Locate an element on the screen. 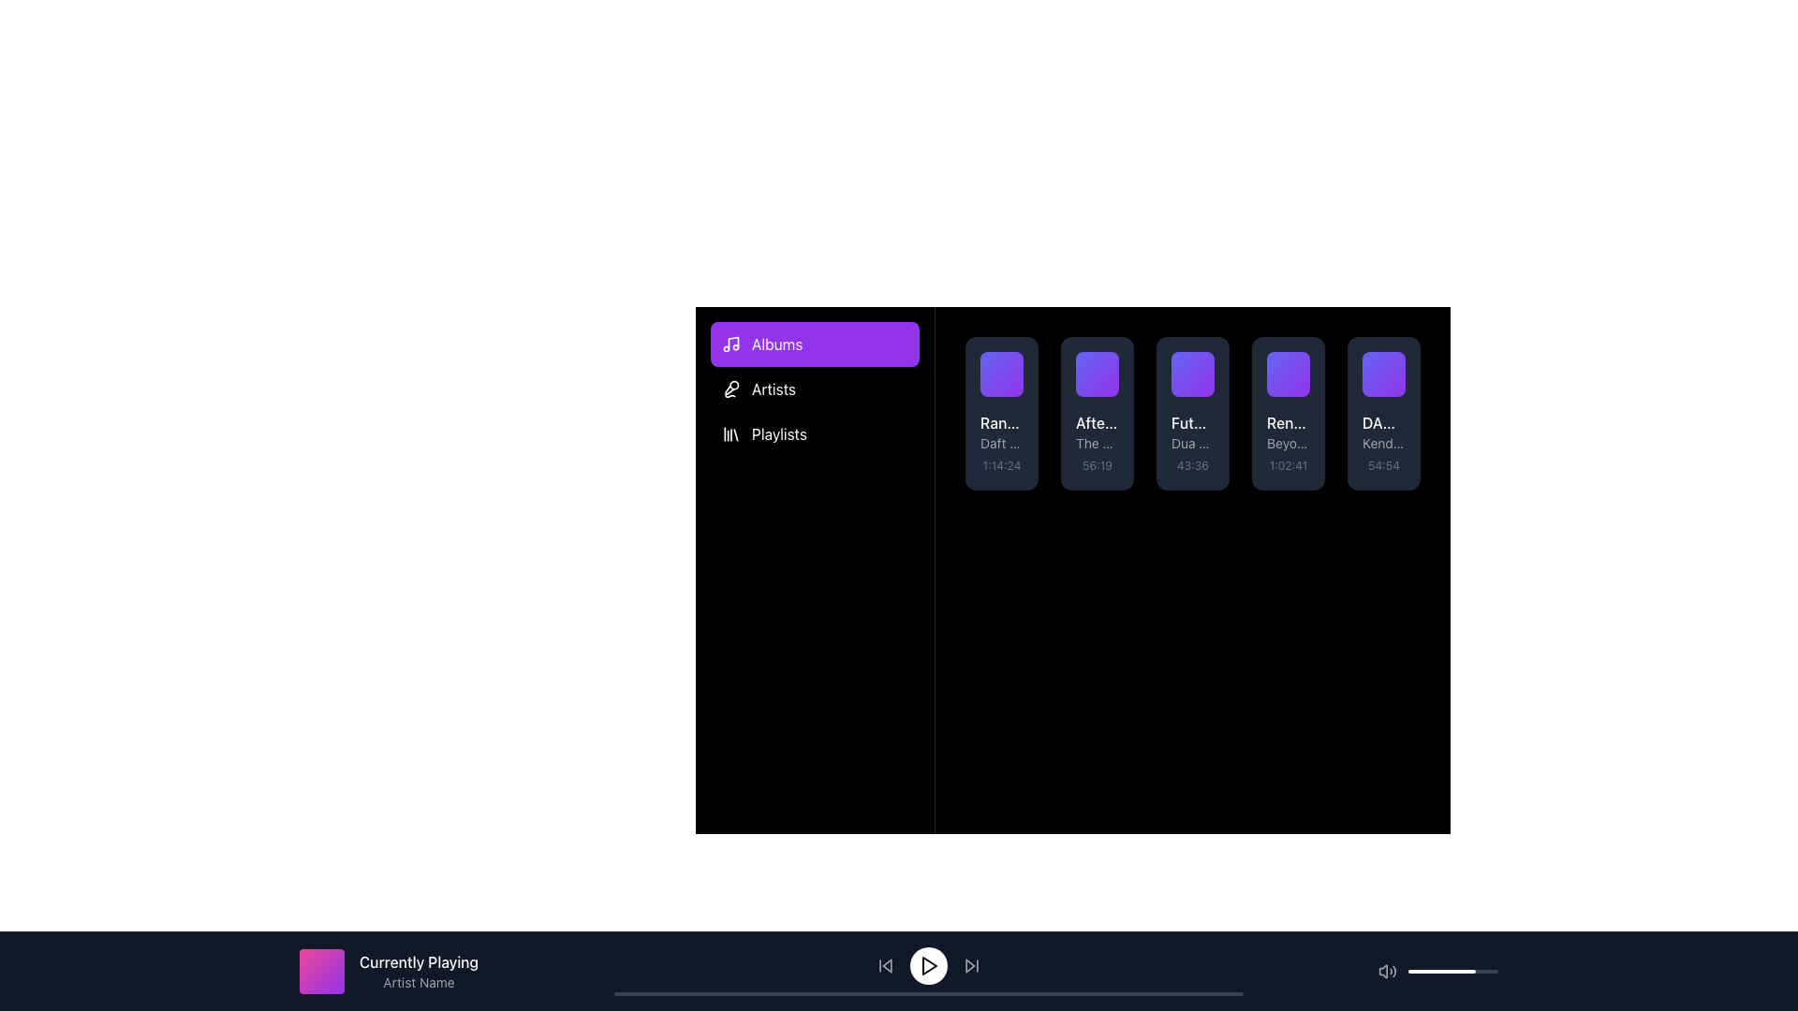  the first icon from the left that navigates to the previous item in a playlist, located at the bottom center of the interface is located at coordinates (884, 966).